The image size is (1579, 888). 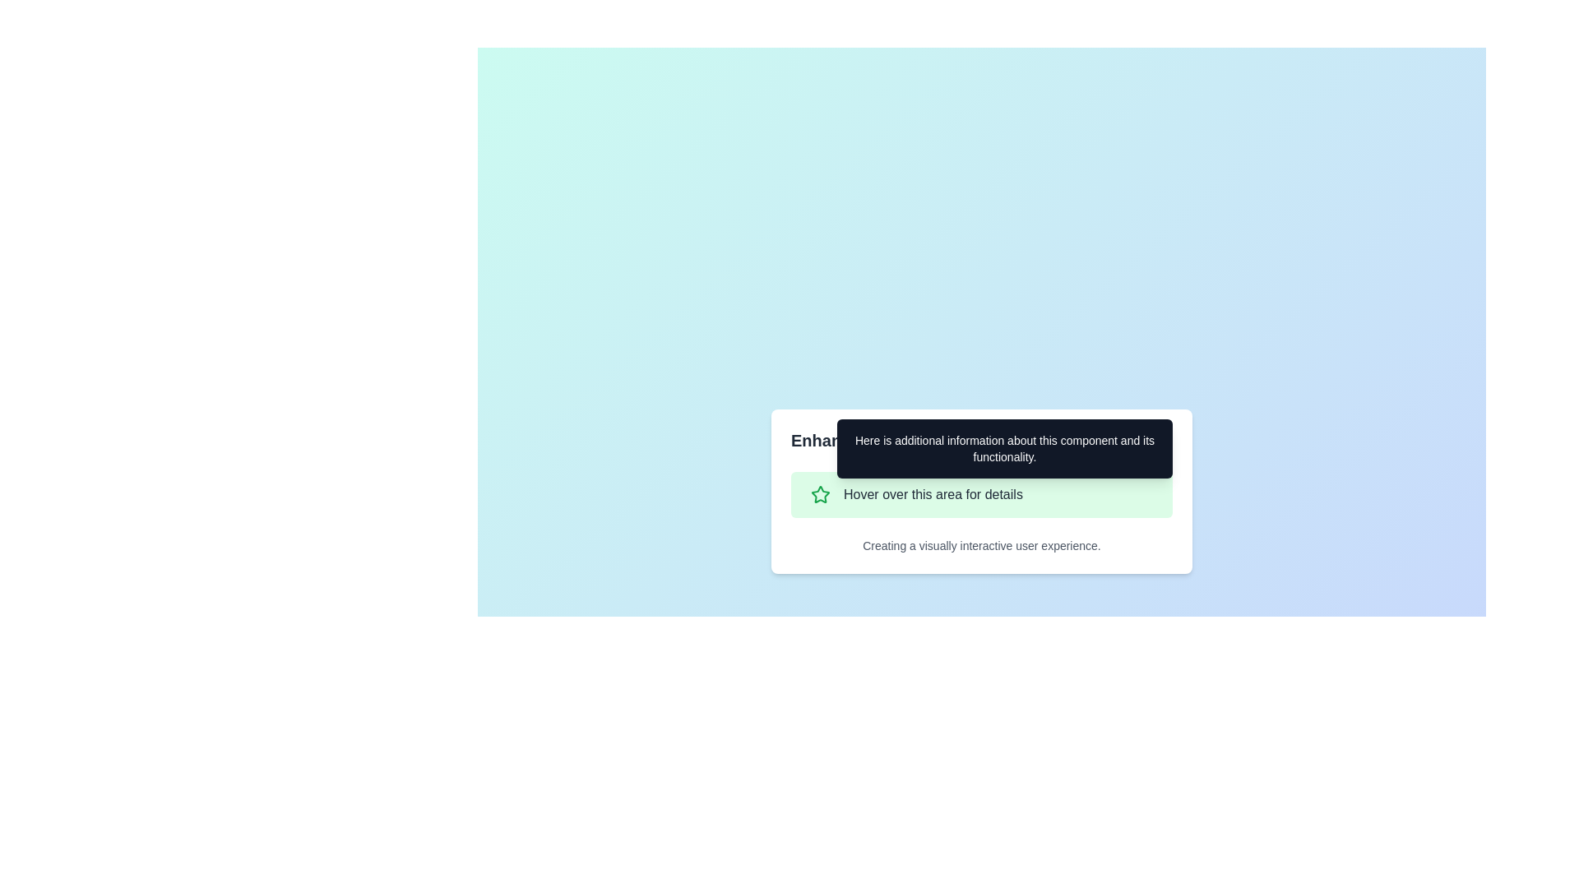 I want to click on the Interactive Tooltip Trigger Area located in the bottom-middle section of the 'Enhanced Tooltip Widget' panel, which displays additional information in a tooltip upon hovering, so click(x=982, y=493).